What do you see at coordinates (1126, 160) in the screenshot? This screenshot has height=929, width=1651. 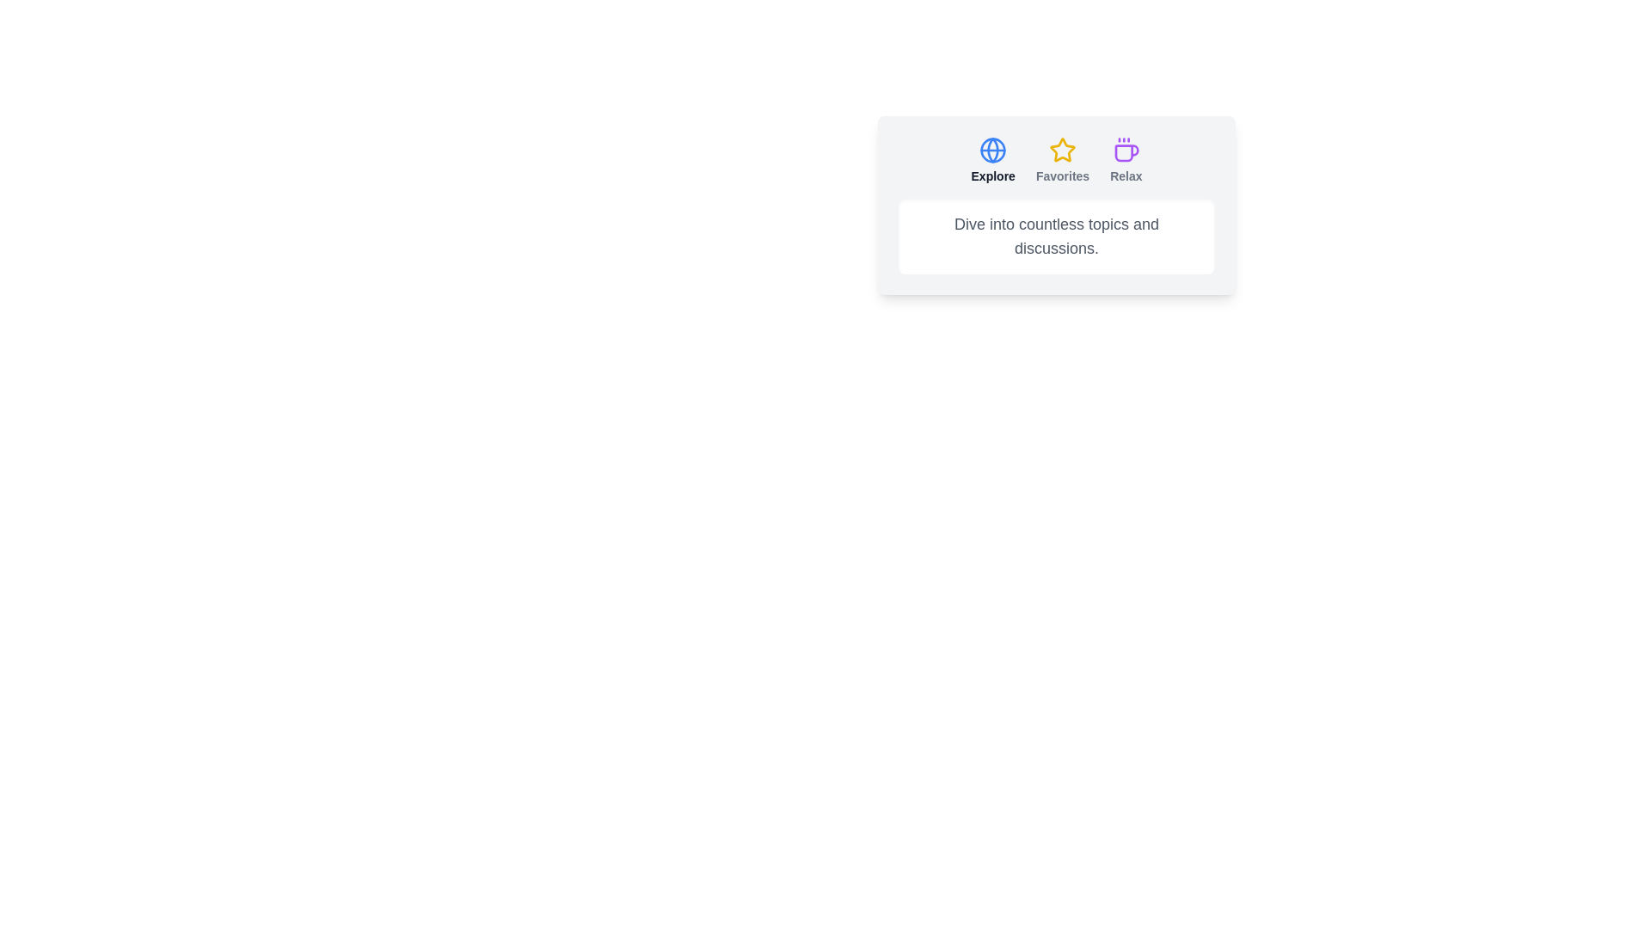 I see `the tab with the title Relax` at bounding box center [1126, 160].